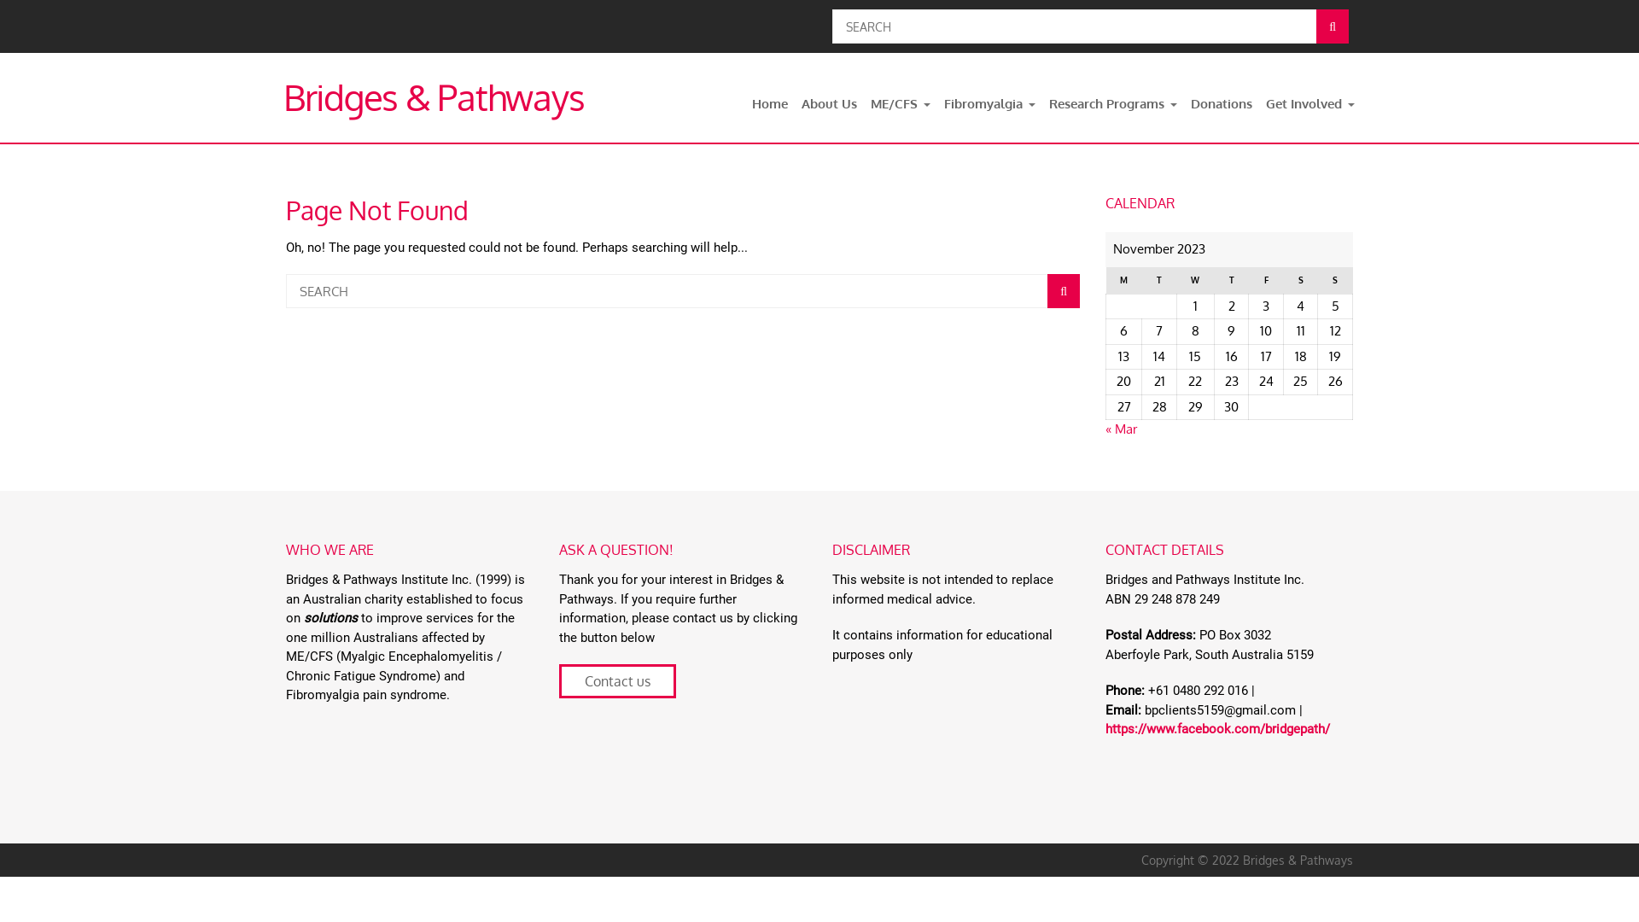  I want to click on 'Get Involved', so click(1309, 103).